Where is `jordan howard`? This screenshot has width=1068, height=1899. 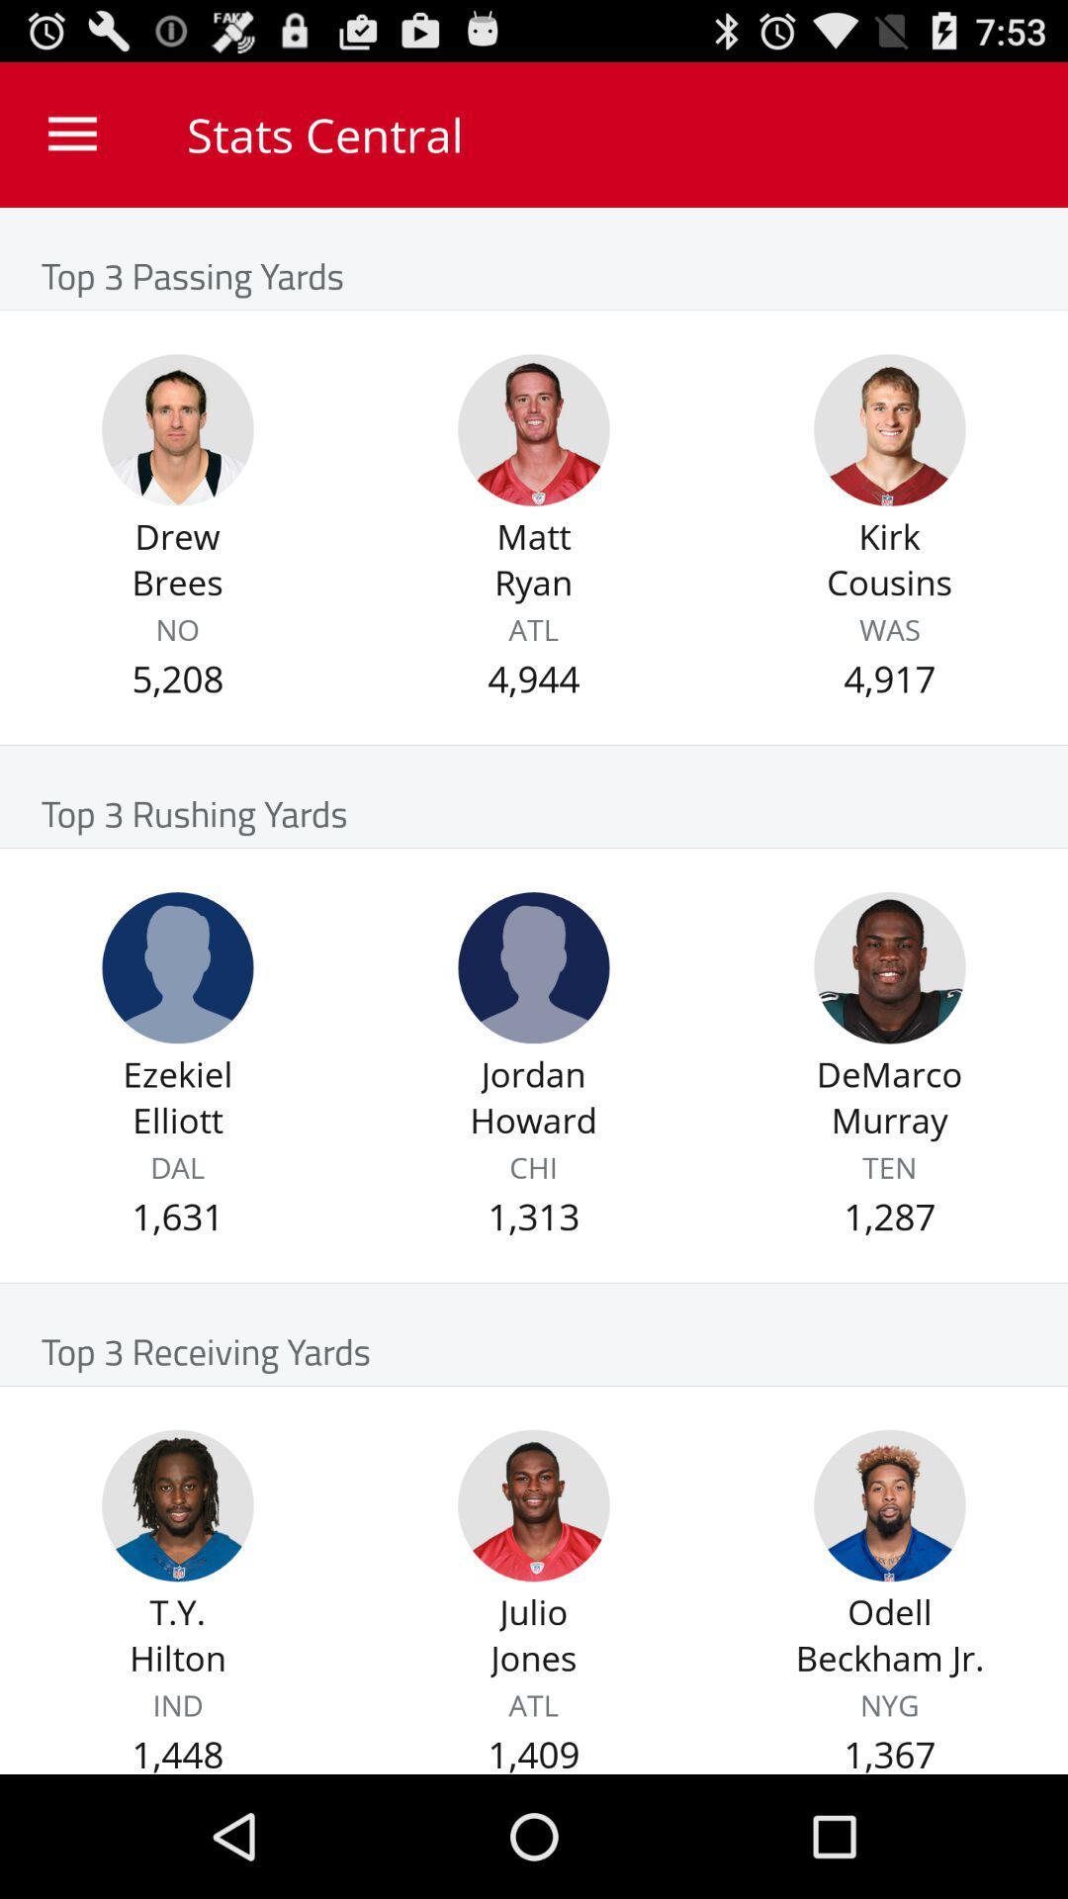
jordan howard is located at coordinates (534, 967).